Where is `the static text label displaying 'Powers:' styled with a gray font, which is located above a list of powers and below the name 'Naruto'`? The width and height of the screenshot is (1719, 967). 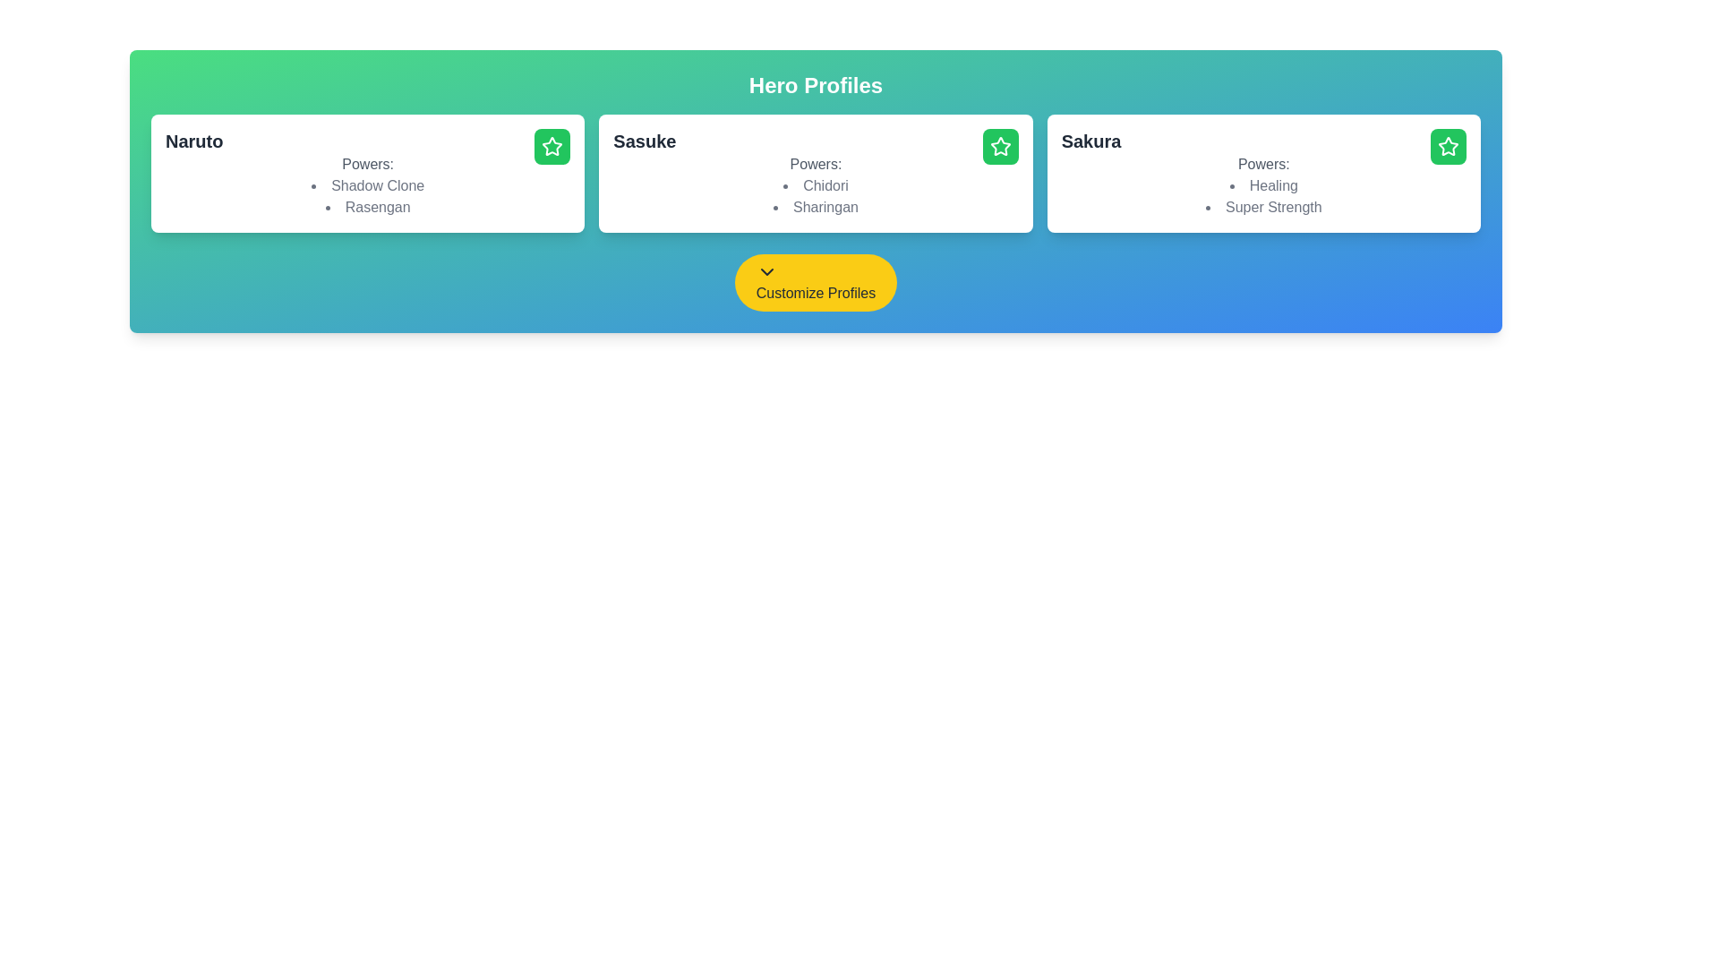
the static text label displaying 'Powers:' styled with a gray font, which is located above a list of powers and below the name 'Naruto' is located at coordinates (367, 165).